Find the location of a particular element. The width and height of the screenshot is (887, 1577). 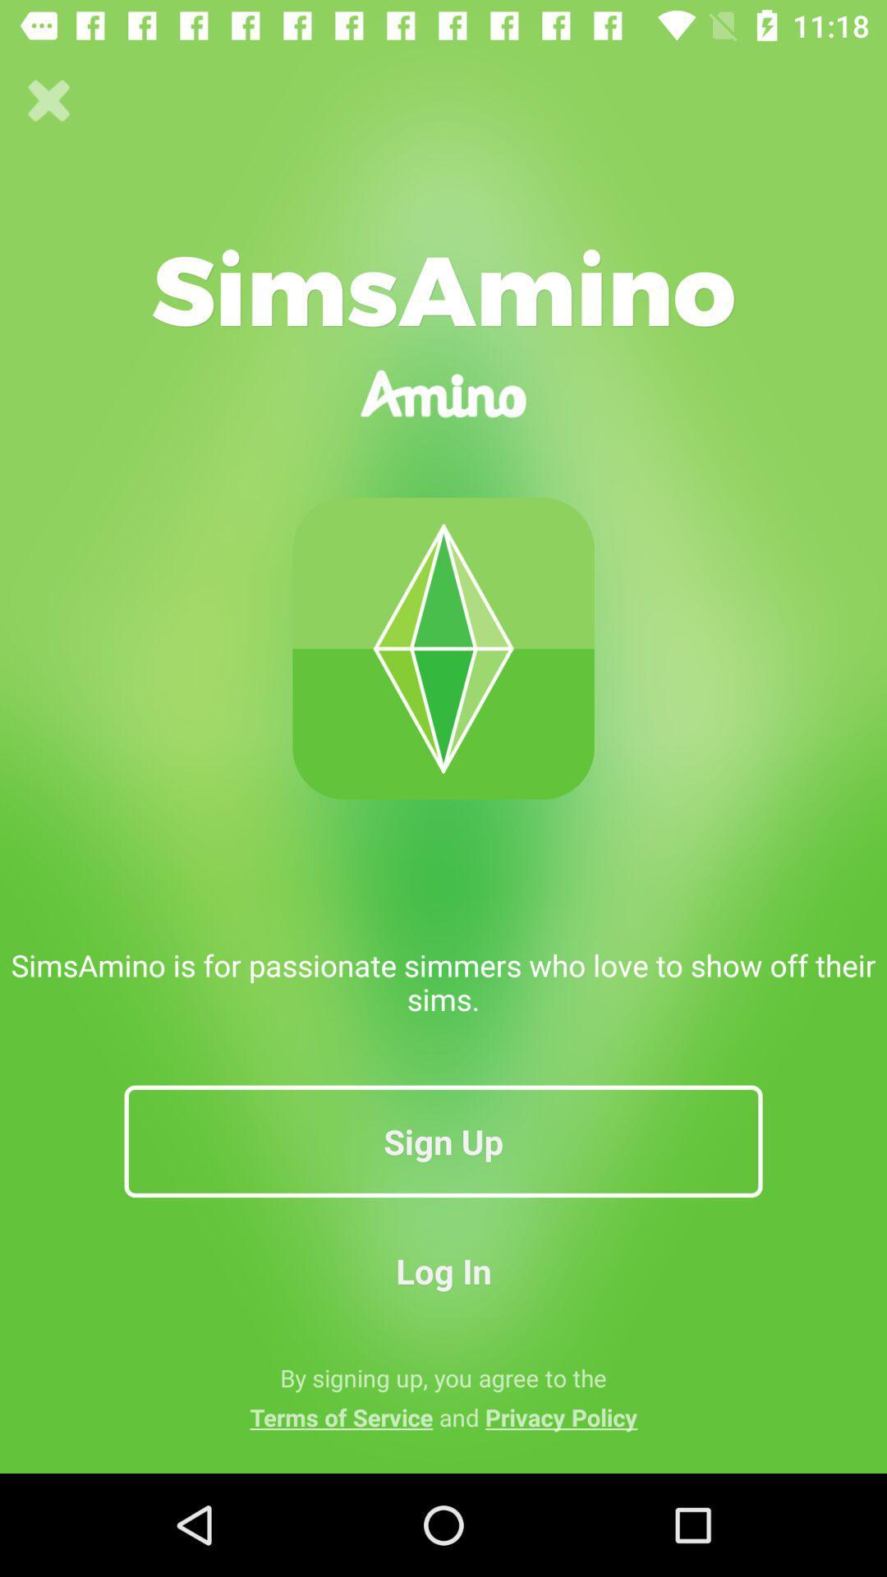

the icon below the simsamino is for app is located at coordinates (443, 1140).